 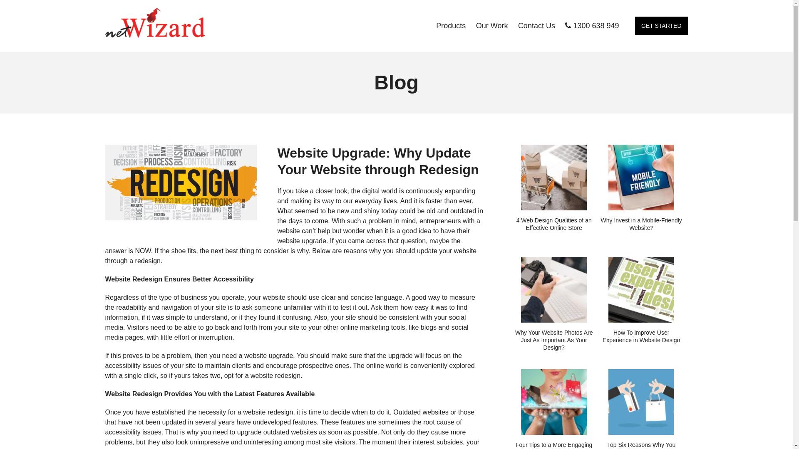 I want to click on 'GET STARTED', so click(x=660, y=25).